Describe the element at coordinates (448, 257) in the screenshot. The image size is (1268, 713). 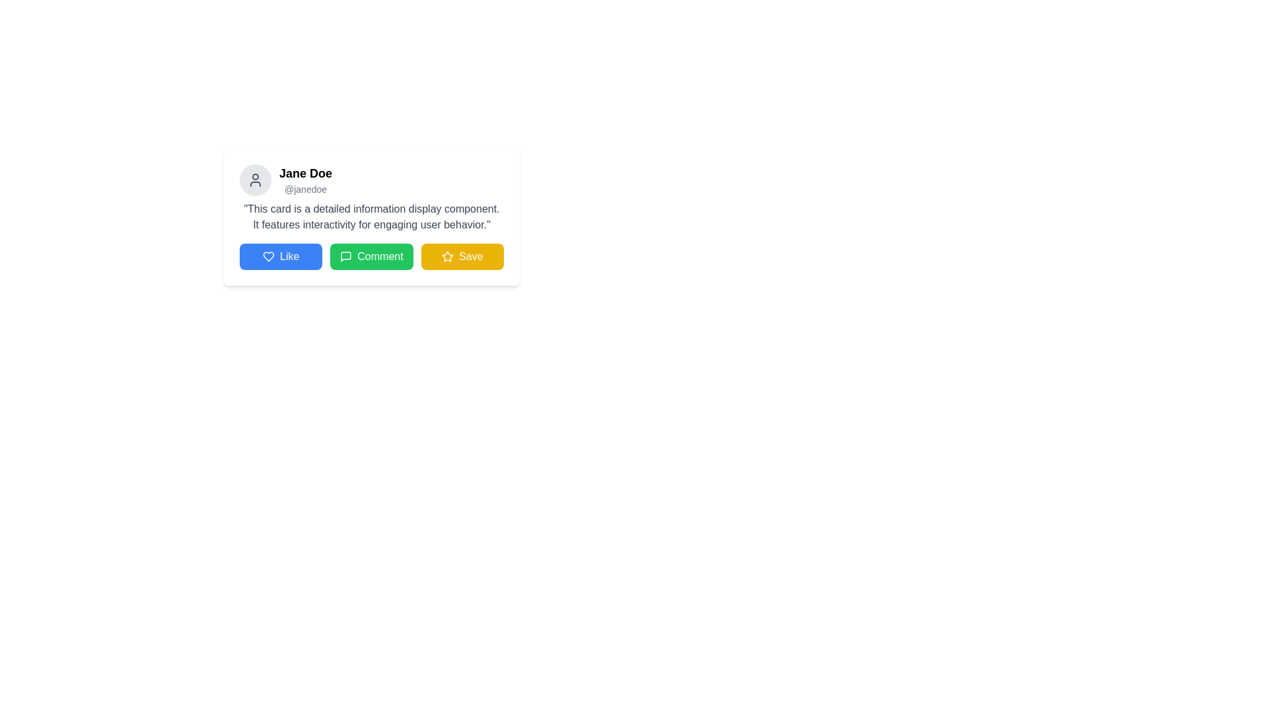
I see `the star icon located at the bottom-right of the card` at that location.